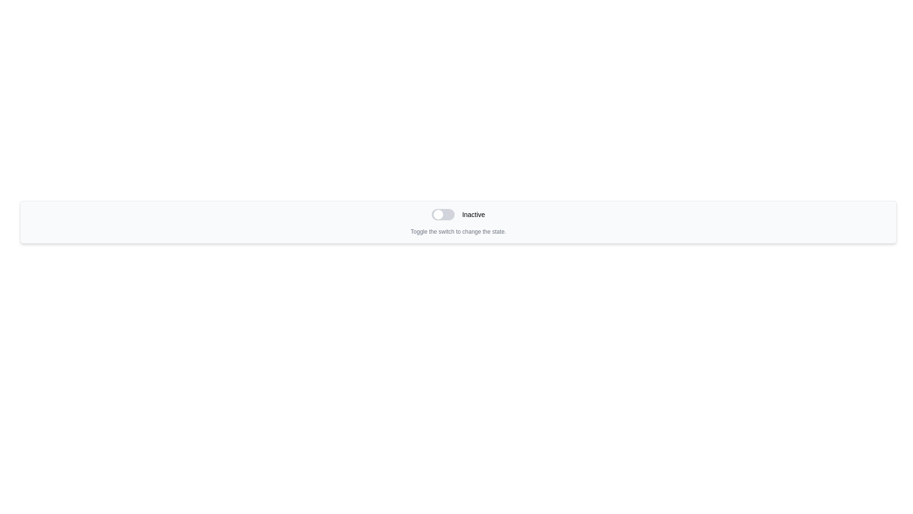 The height and width of the screenshot is (514, 913). I want to click on the small circular toggle switch knob with a white background, so click(437, 215).